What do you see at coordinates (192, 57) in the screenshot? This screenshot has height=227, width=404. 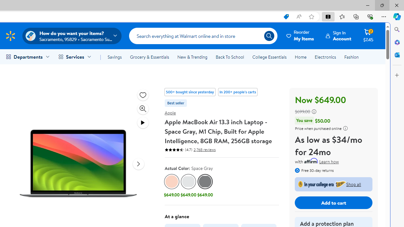 I see `'New & Trending'` at bounding box center [192, 57].